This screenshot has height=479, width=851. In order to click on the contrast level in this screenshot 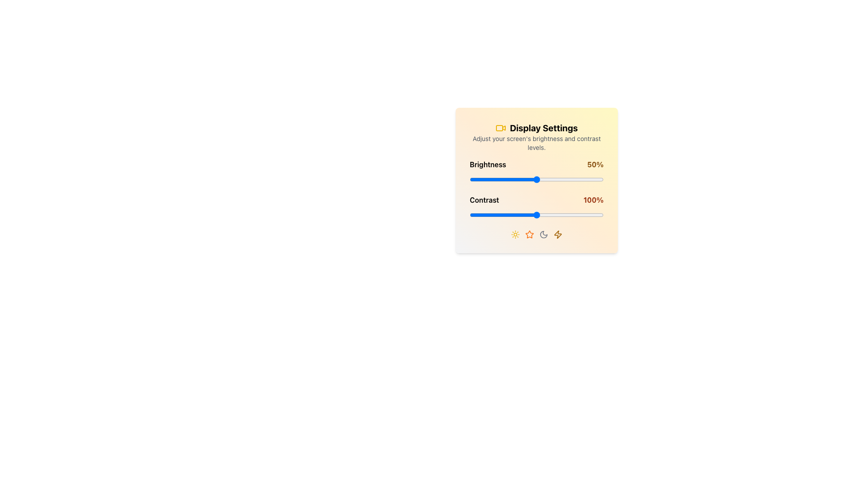, I will do `click(497, 215)`.